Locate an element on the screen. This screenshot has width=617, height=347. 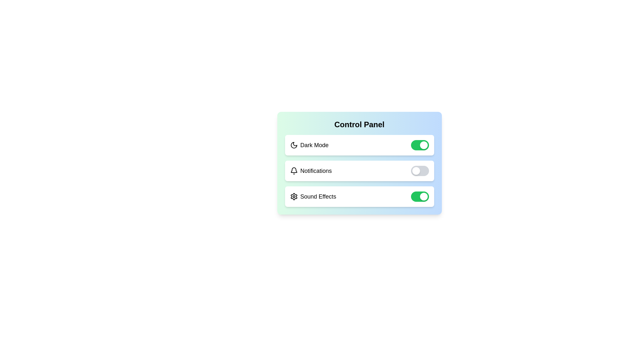
the text label Dark Mode to select it is located at coordinates (314, 145).